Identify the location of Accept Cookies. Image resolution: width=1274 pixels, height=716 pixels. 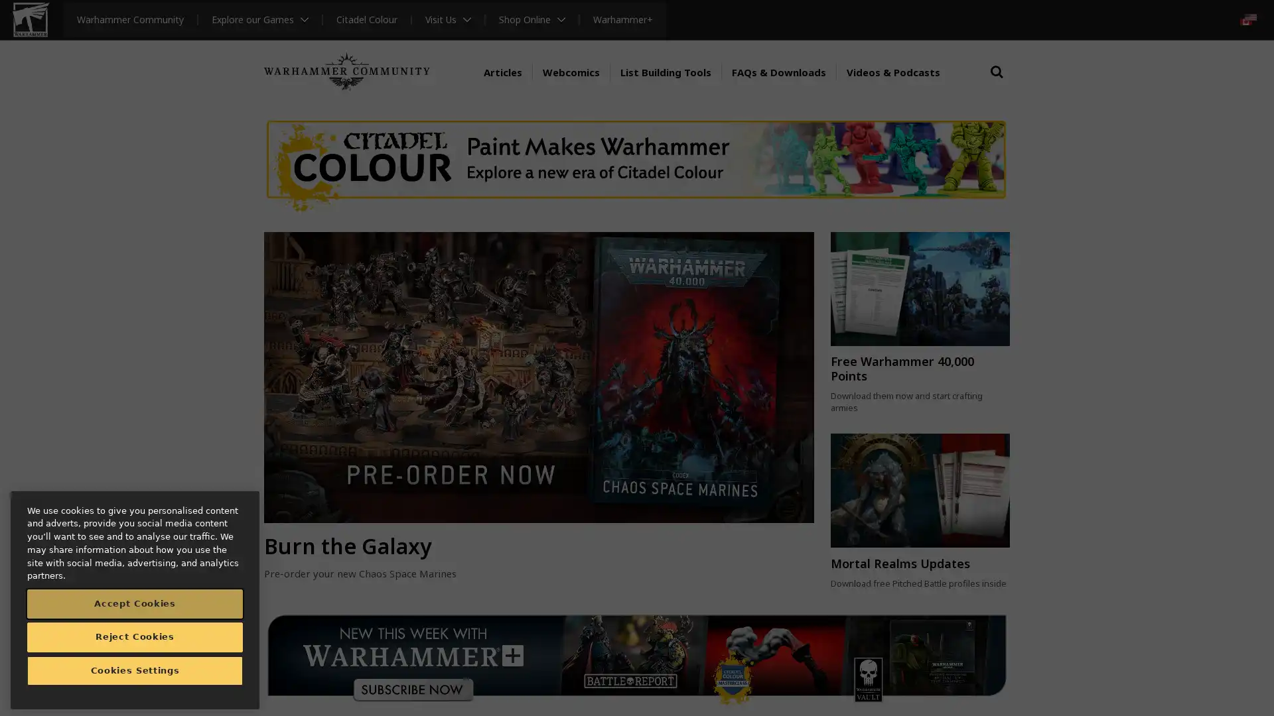
(135, 603).